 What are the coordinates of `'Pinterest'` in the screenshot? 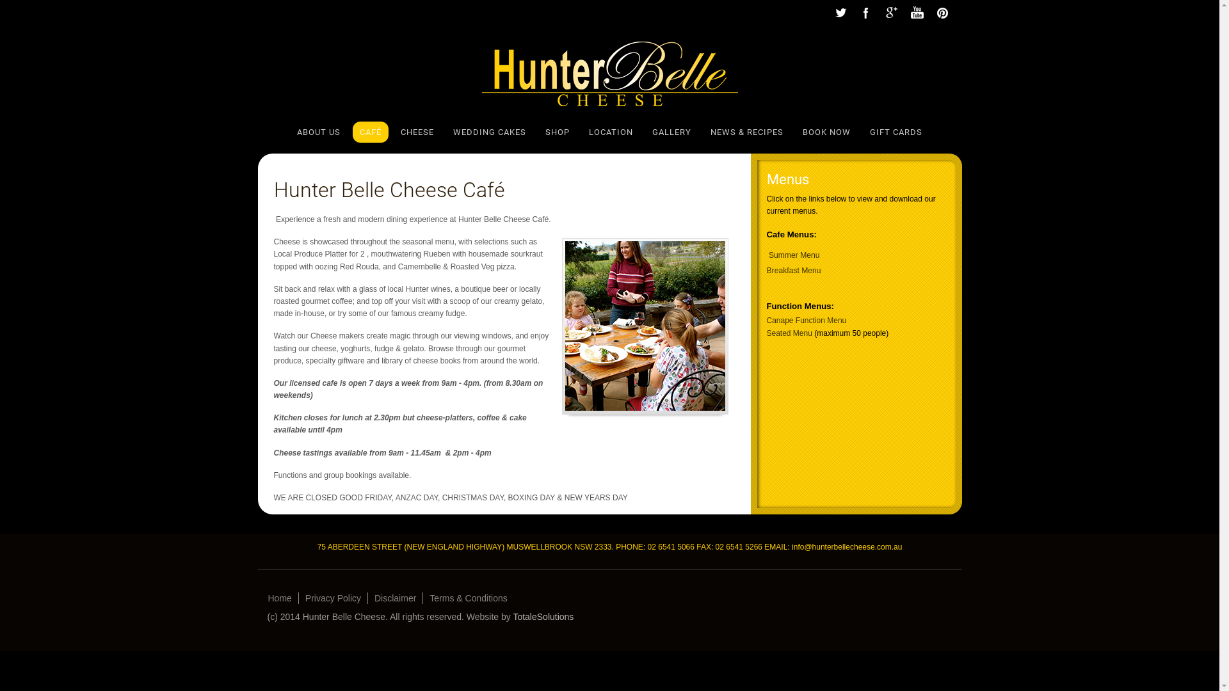 It's located at (929, 13).